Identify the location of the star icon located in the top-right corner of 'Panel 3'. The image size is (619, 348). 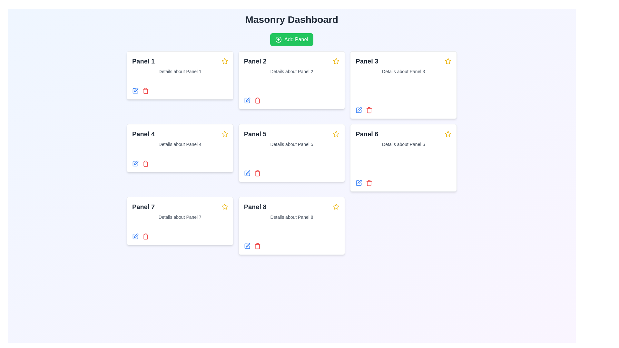
(447, 61).